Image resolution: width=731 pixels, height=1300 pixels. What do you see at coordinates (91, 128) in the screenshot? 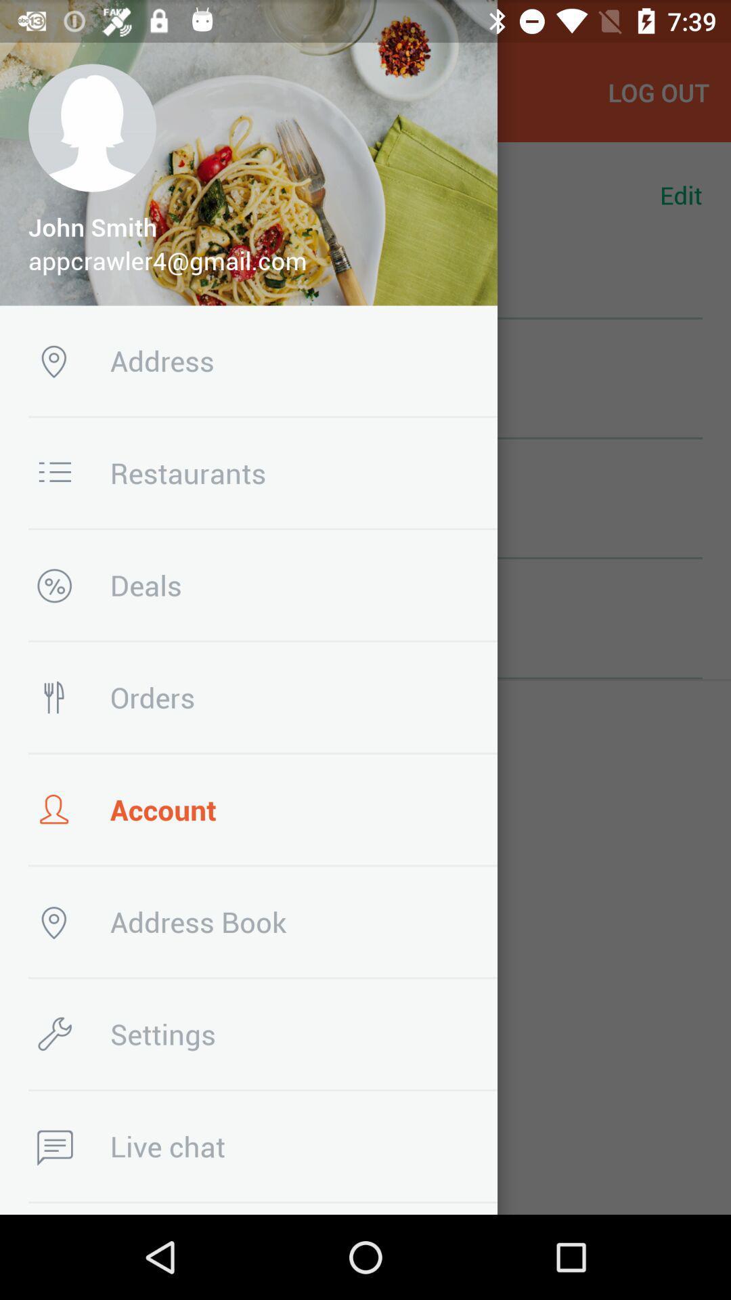
I see `the option which is above john smith` at bounding box center [91, 128].